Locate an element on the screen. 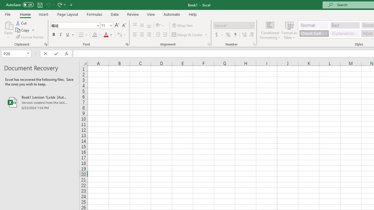 This screenshot has width=374, height=210. 'Increase Font Size' is located at coordinates (117, 25).